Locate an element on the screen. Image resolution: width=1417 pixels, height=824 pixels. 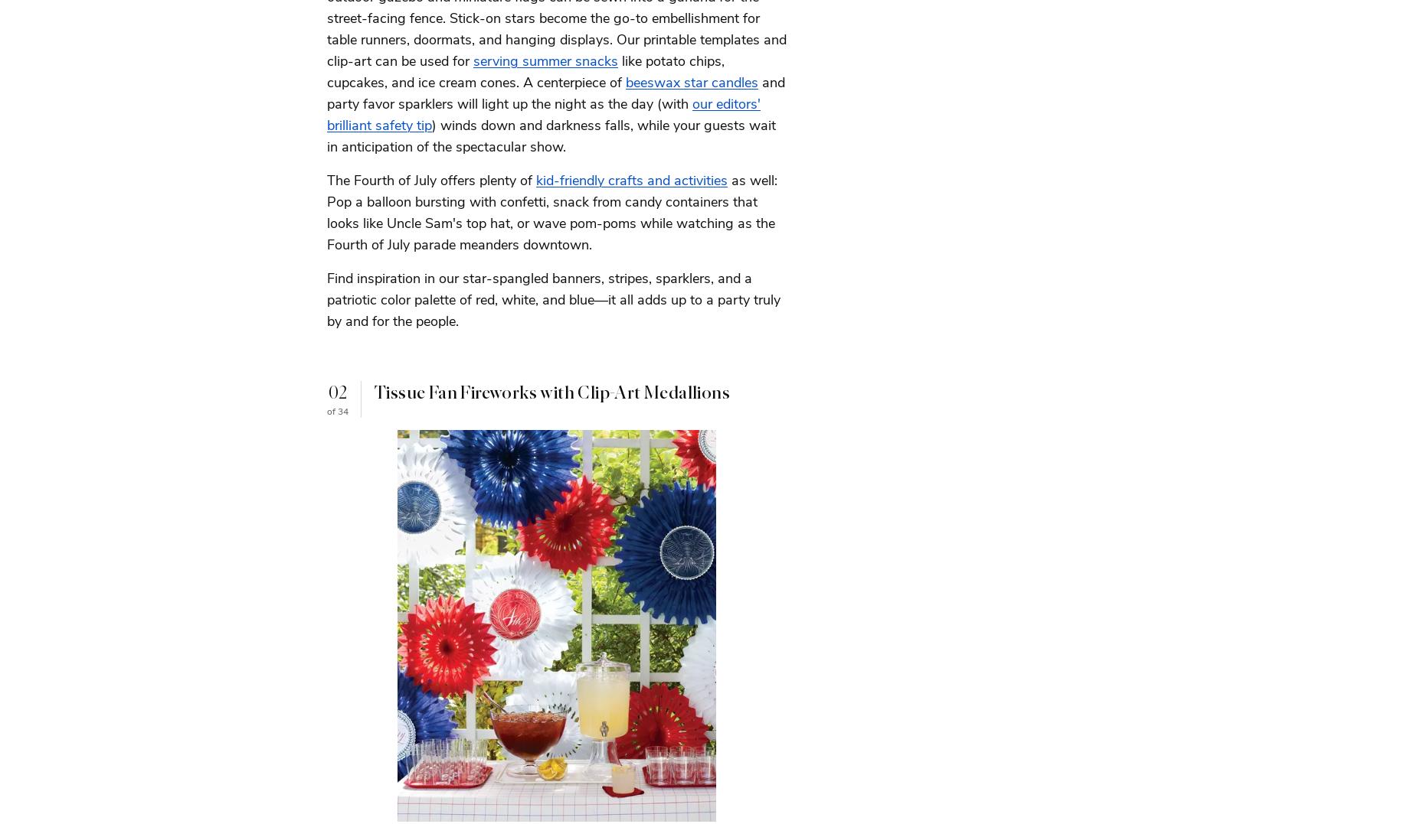
'Tissue Fan Fireworks with Clip-Art Medallions' is located at coordinates (551, 391).